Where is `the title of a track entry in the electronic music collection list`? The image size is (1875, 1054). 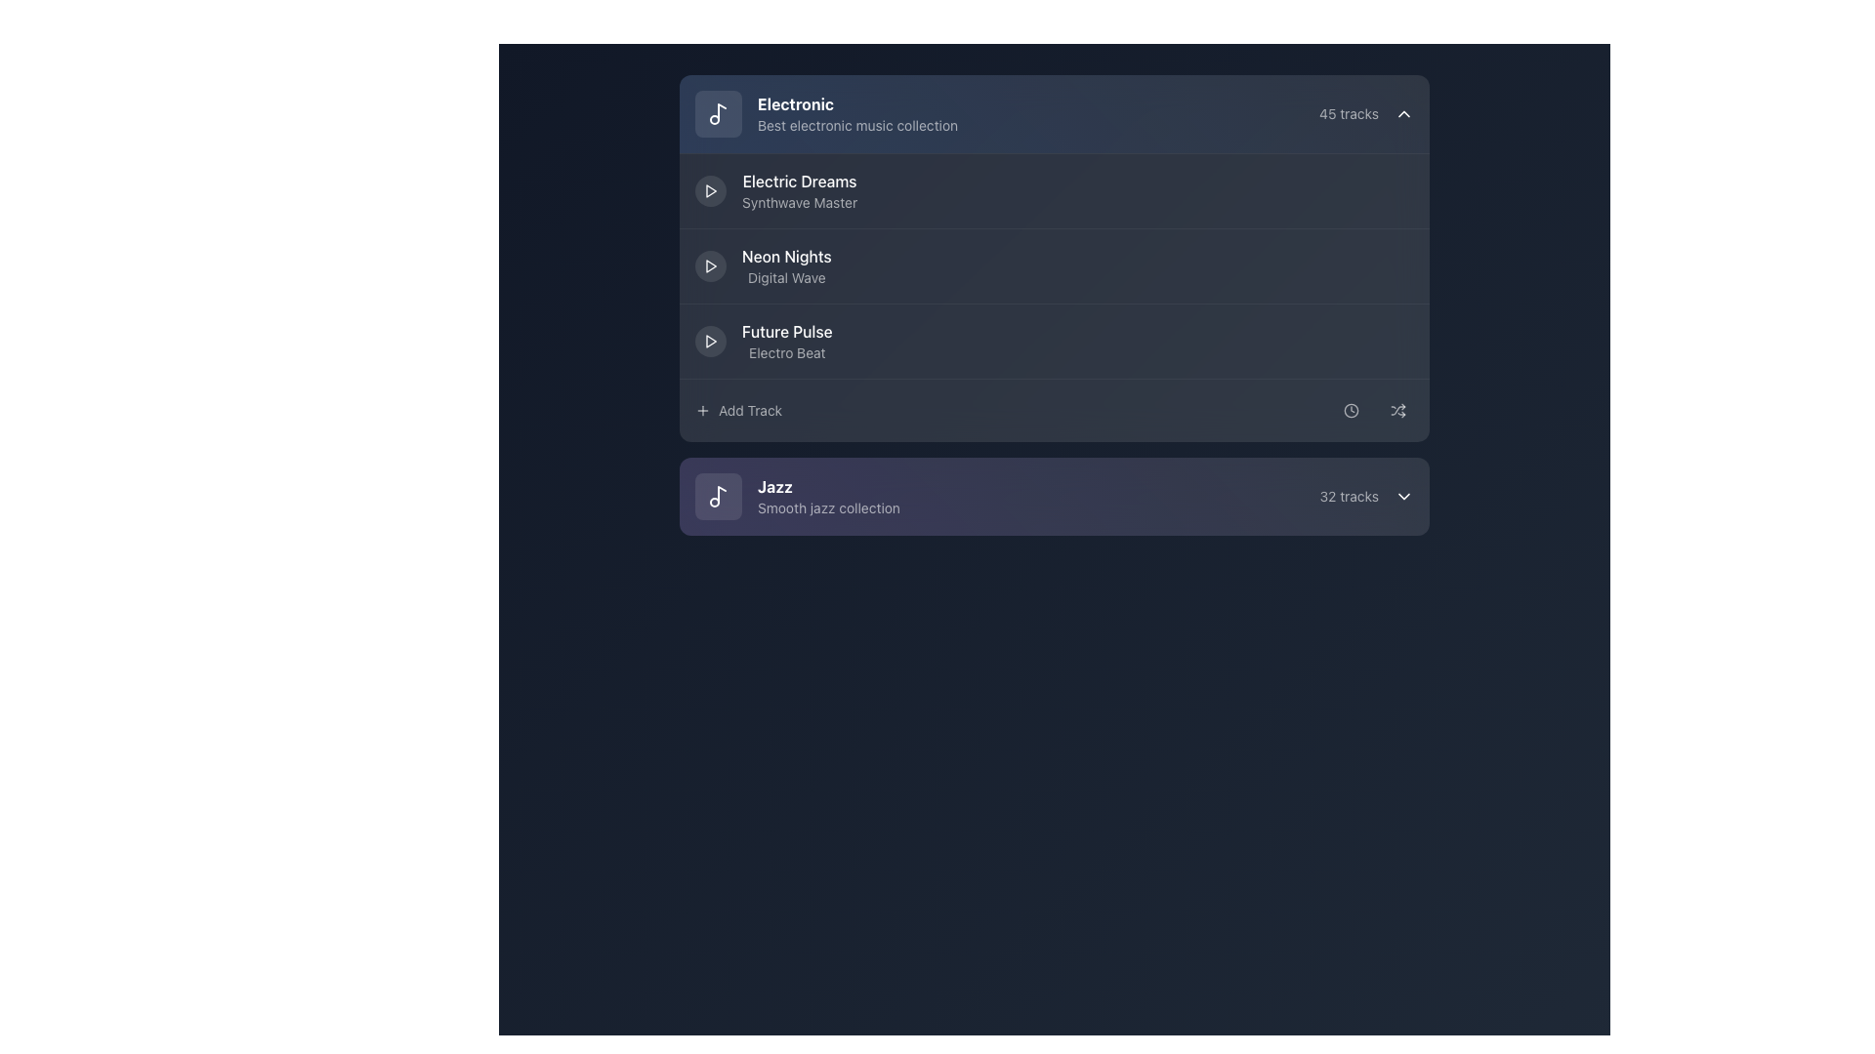 the title of a track entry in the electronic music collection list is located at coordinates (1054, 297).